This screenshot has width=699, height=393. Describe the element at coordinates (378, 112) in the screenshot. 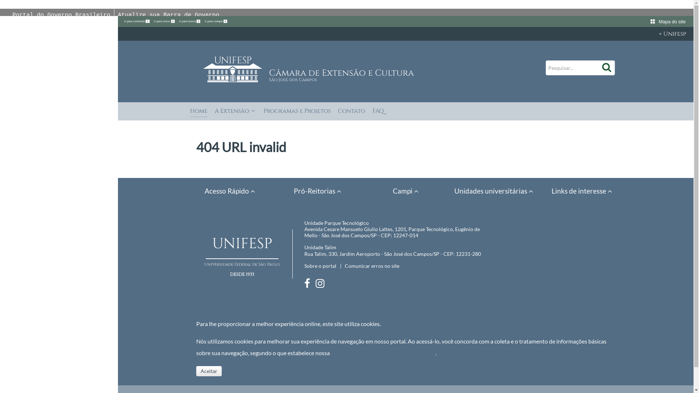

I see `'FAQ'` at that location.